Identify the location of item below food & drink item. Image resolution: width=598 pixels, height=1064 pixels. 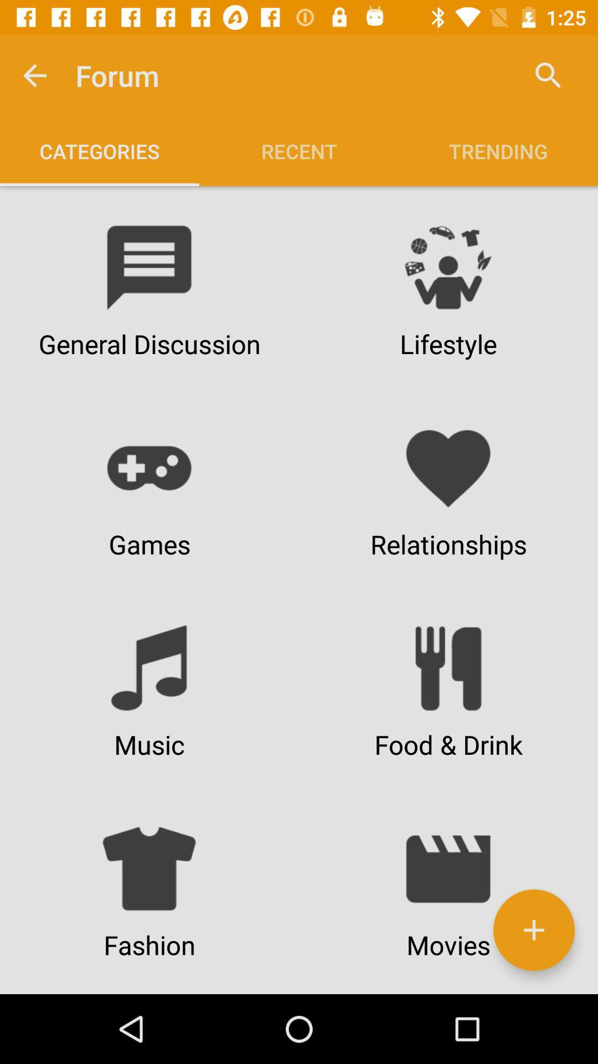
(533, 930).